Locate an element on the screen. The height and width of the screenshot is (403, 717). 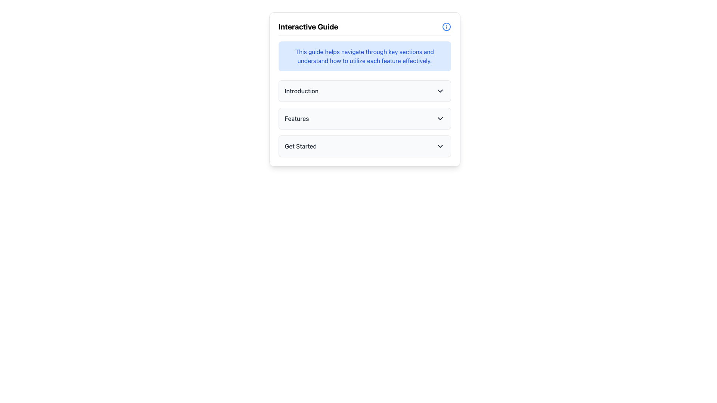
the informational icon with a blue border located in the top-right corner of the 'Interactive Guide' card is located at coordinates (446, 26).